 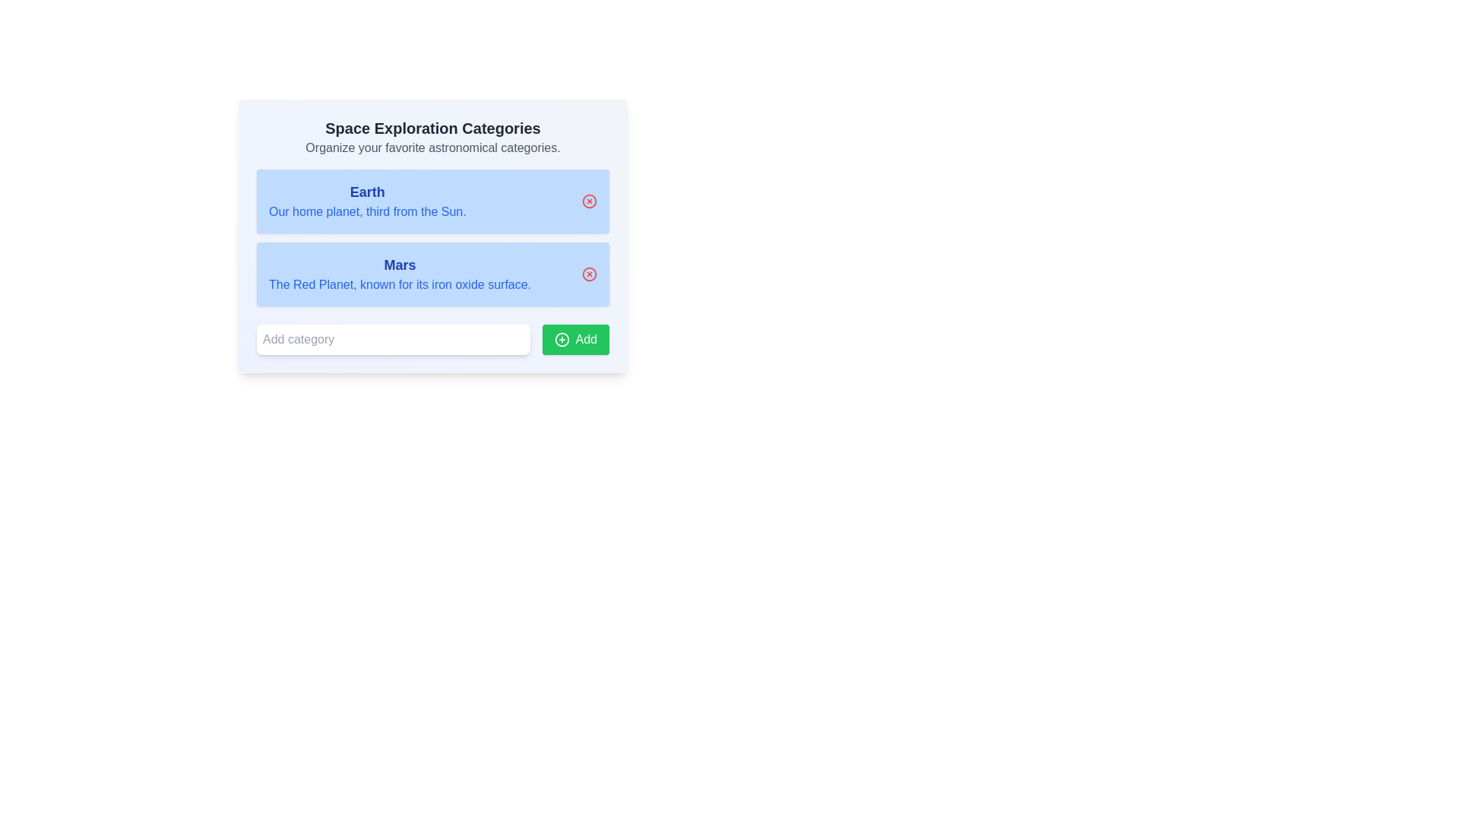 I want to click on the text block reading 'Our home planet, third from the Sun.' which is styled in blue font and located below the bolded title 'Earth' in a blue-boxed section, so click(x=367, y=211).